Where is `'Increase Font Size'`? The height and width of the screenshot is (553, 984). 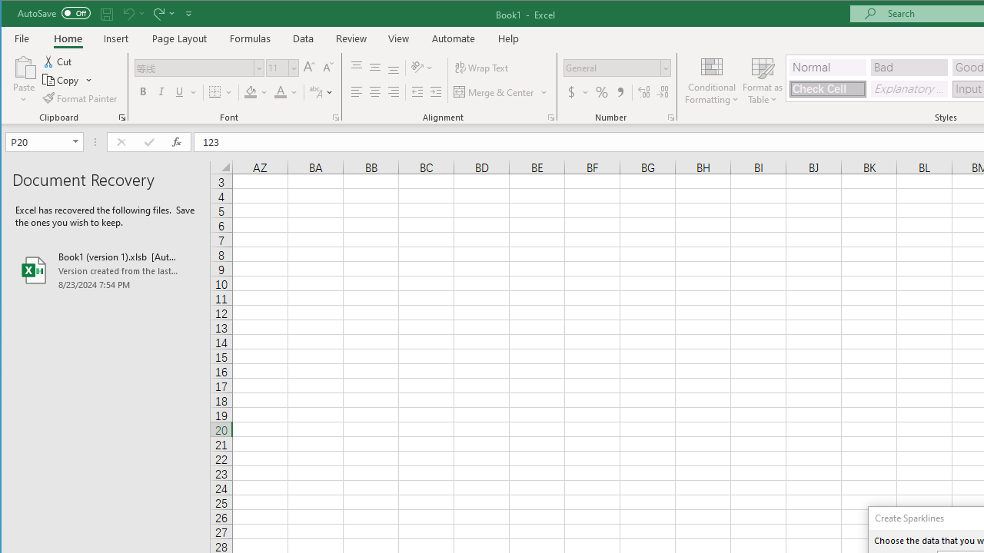 'Increase Font Size' is located at coordinates (307, 67).